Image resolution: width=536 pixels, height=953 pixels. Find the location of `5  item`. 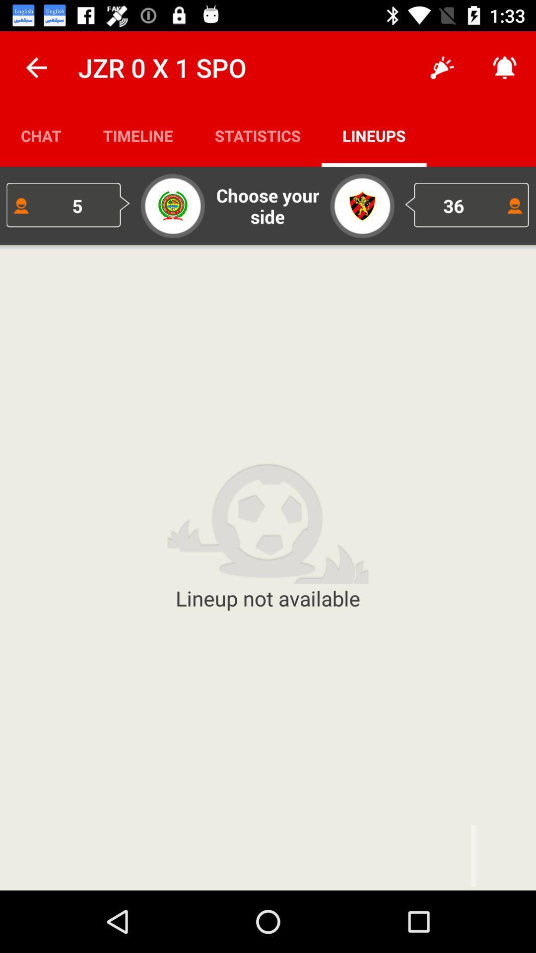

5  item is located at coordinates (68, 205).